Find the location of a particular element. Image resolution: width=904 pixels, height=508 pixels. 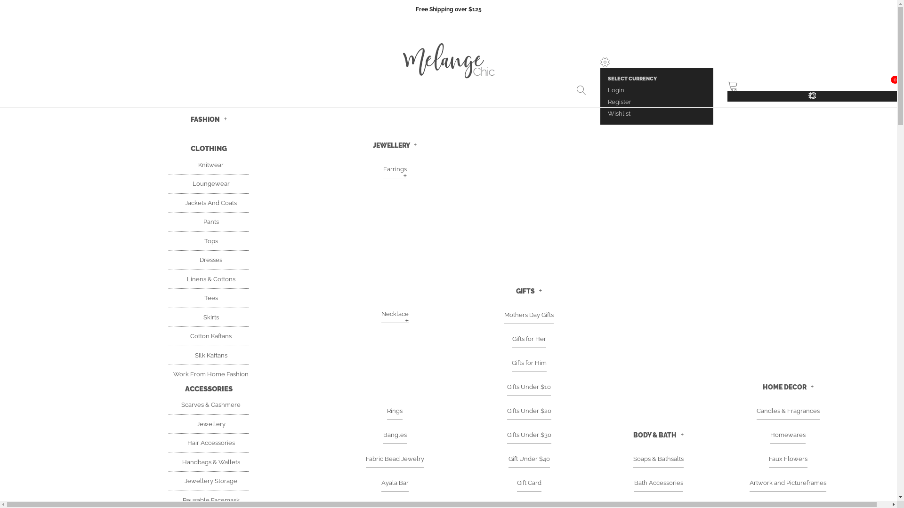

'Skirts' is located at coordinates (208, 317).